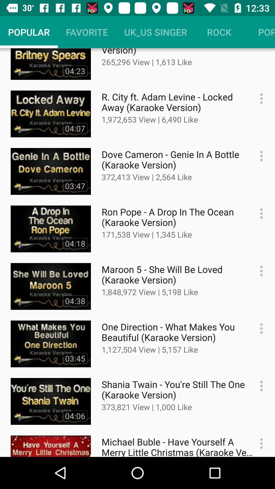  I want to click on explore more options, so click(259, 329).